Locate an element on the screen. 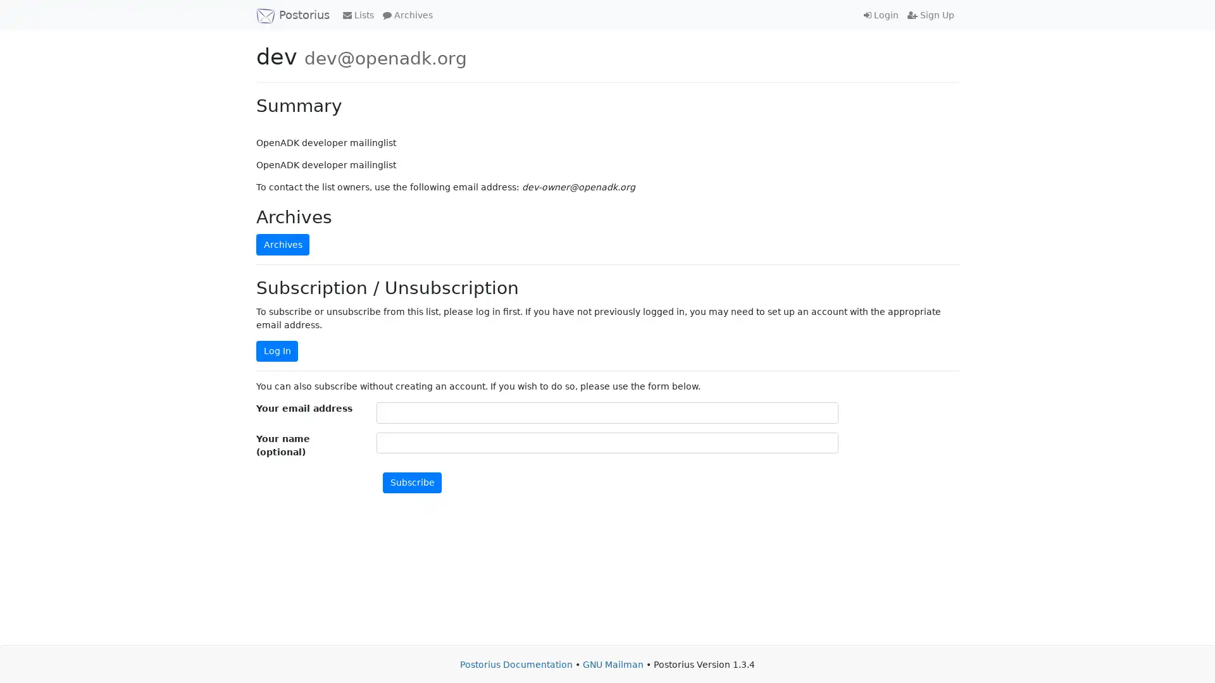  Subscribe is located at coordinates (412, 483).